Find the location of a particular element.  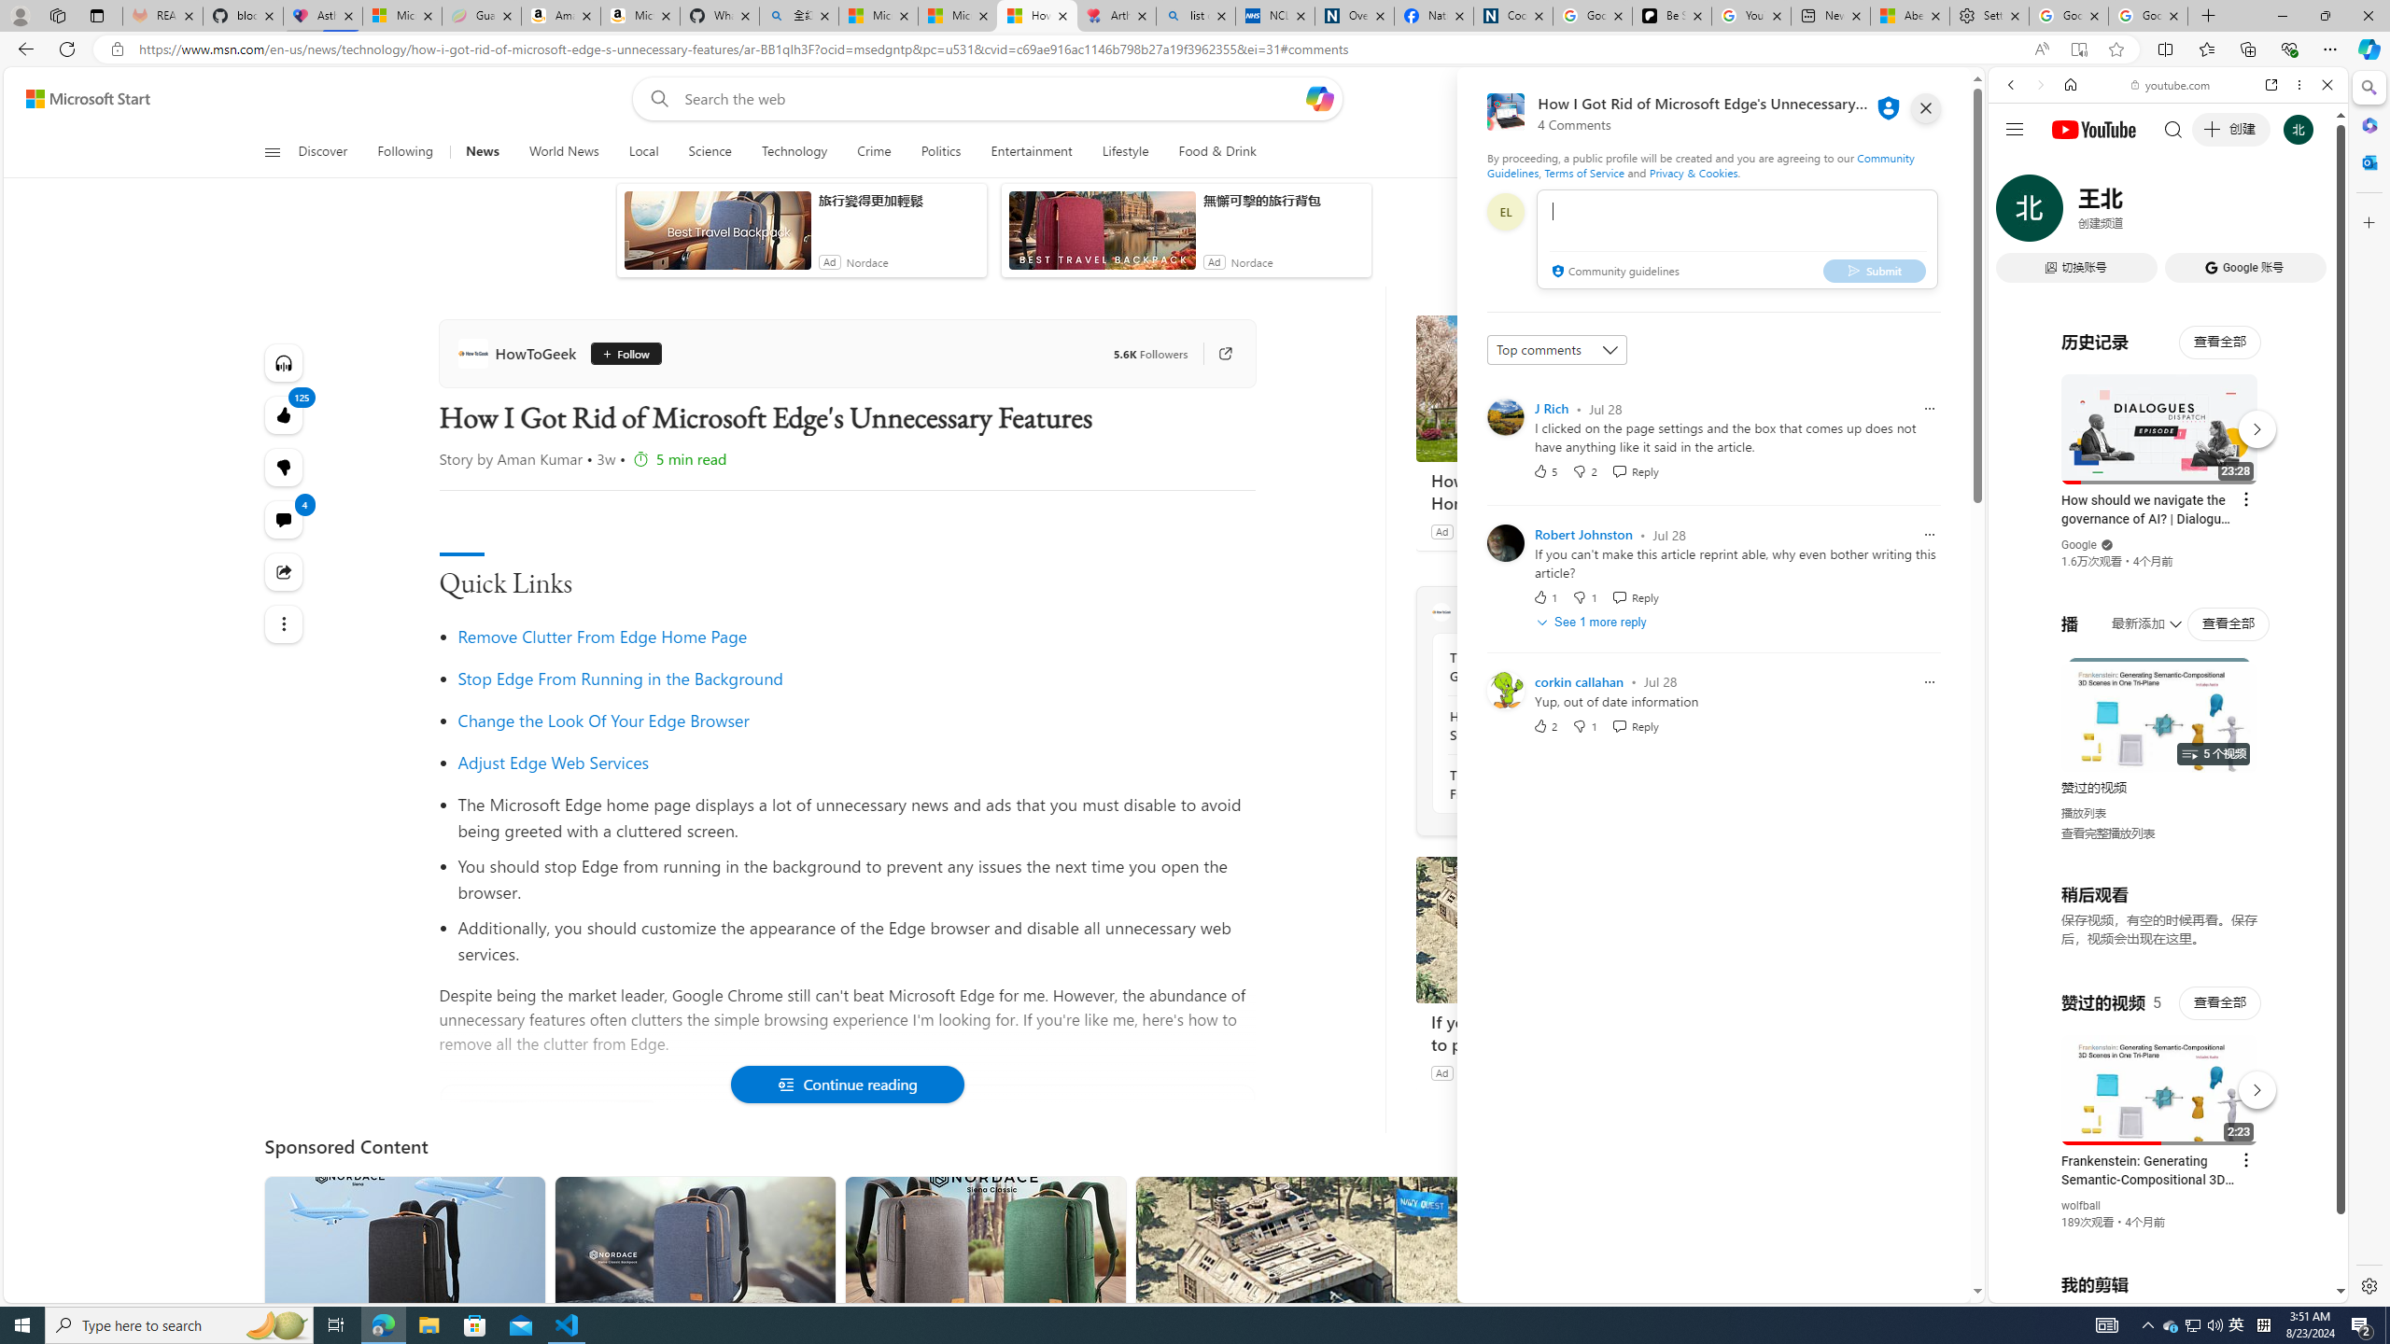

'Adjust Edge Web Services' is located at coordinates (552, 762).